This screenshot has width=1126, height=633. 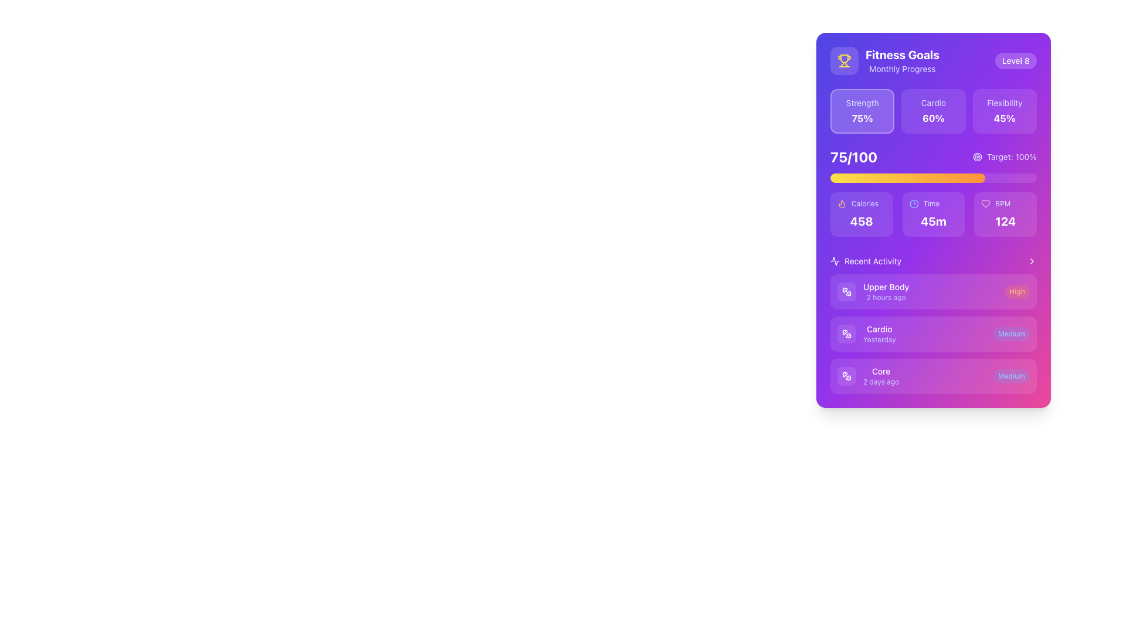 I want to click on the small right-arrow chevron icon located in the header bar labeled 'Recent Activity' on the far-right side, directly aligned with the text, so click(x=1032, y=261).